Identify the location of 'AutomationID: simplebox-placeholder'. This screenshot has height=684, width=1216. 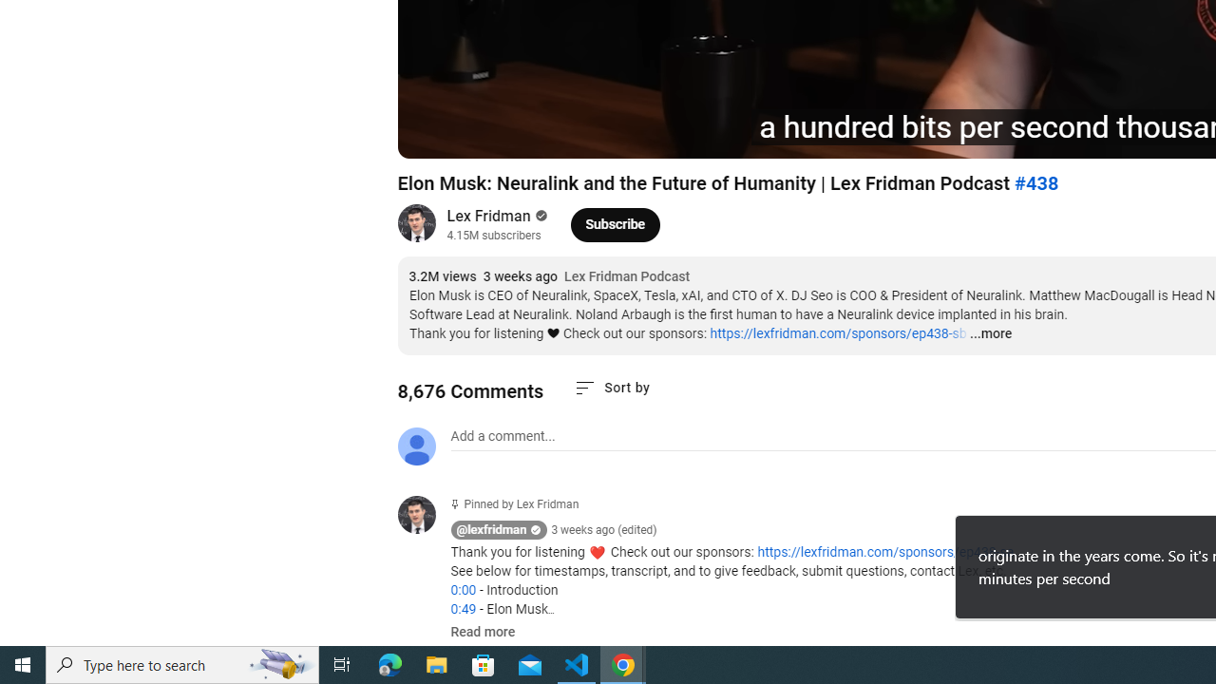
(503, 436).